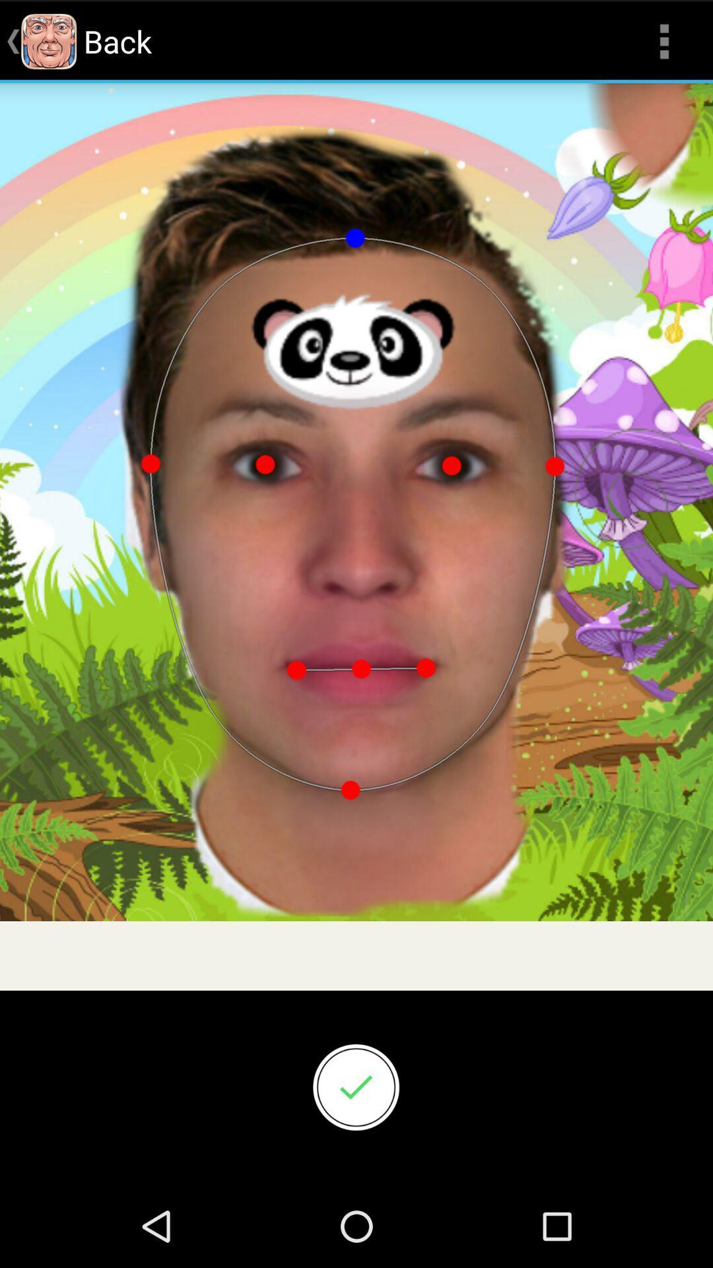 The width and height of the screenshot is (713, 1268). What do you see at coordinates (355, 1164) in the screenshot?
I see `the check icon` at bounding box center [355, 1164].